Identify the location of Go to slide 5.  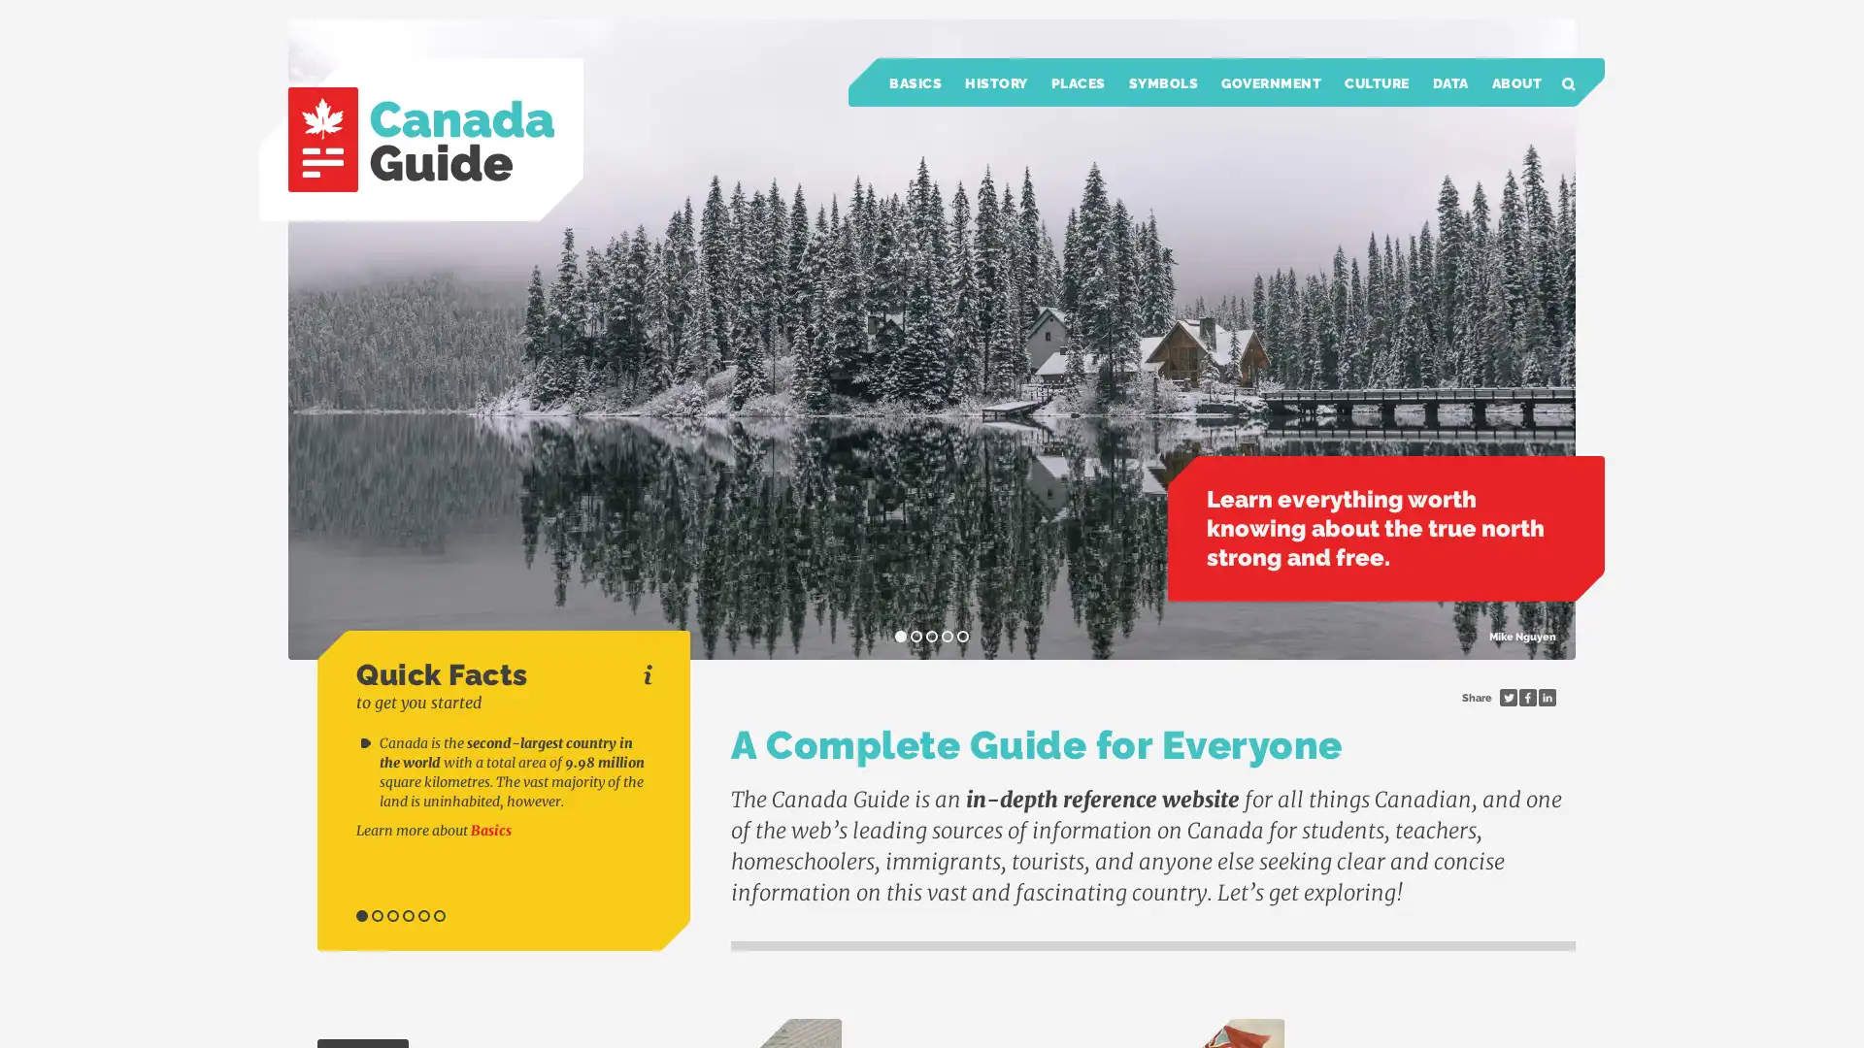
(963, 636).